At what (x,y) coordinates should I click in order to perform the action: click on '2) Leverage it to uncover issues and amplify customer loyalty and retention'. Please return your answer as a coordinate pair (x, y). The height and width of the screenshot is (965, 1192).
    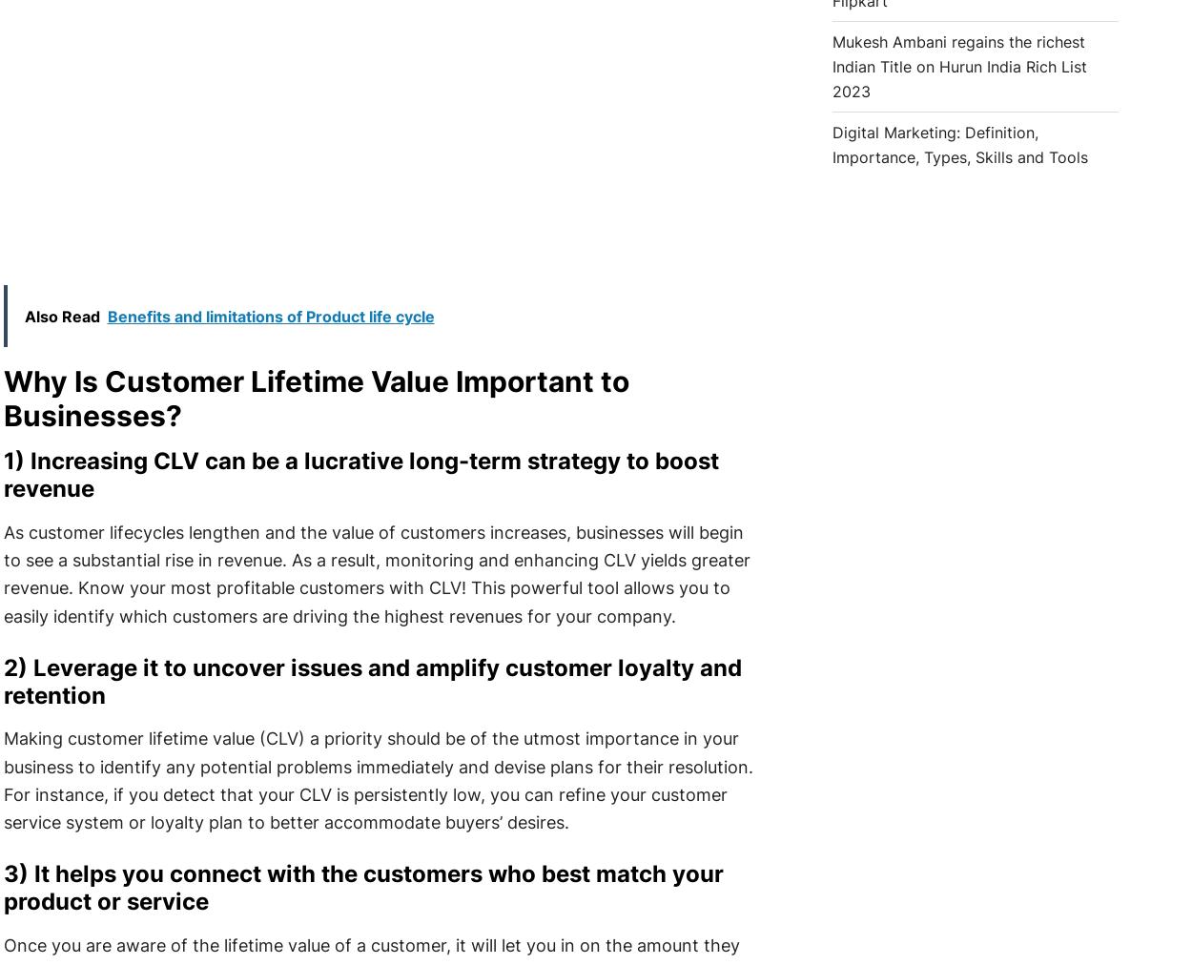
    Looking at the image, I should click on (372, 680).